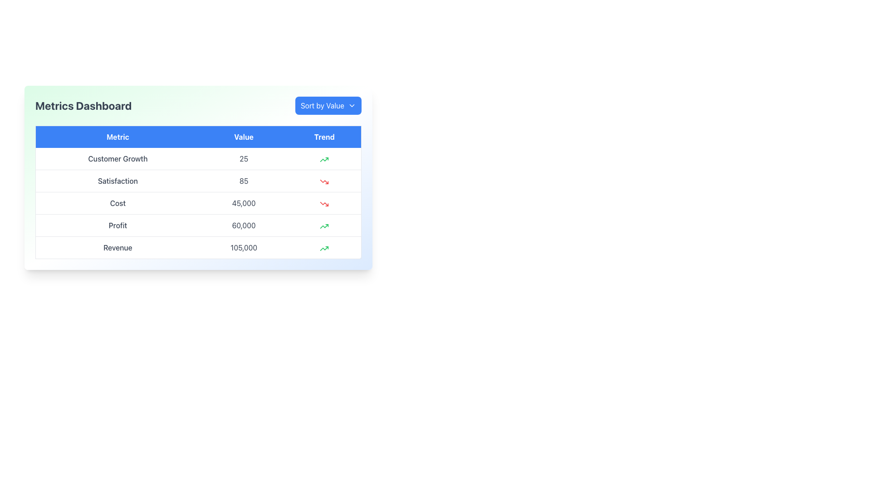 The width and height of the screenshot is (871, 490). Describe the element at coordinates (83, 105) in the screenshot. I see `title text located at the top left of the dashboard interface, which identifies the current view, positioned above the tabular area and next to the 'Sort by Value' button` at that location.